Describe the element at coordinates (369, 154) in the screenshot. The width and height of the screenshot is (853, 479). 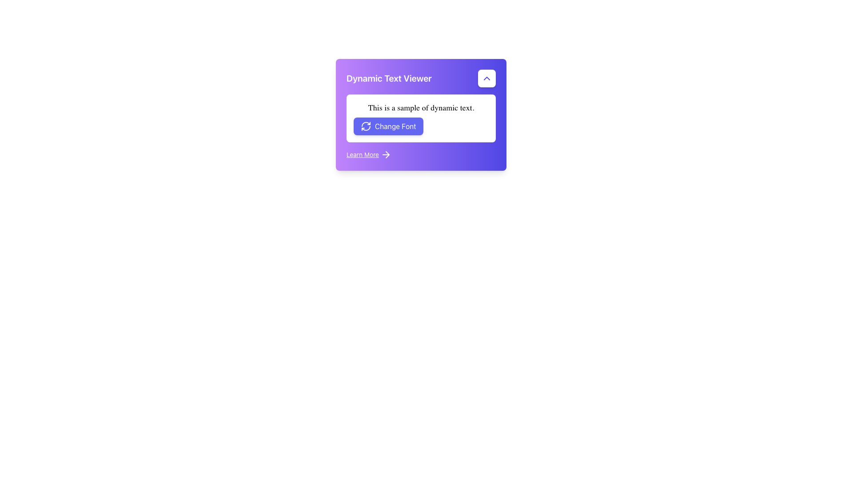
I see `the 'Learn More' hyperlink, which is styled in white underlined text and positioned next to a right-pointing arrow icon` at that location.